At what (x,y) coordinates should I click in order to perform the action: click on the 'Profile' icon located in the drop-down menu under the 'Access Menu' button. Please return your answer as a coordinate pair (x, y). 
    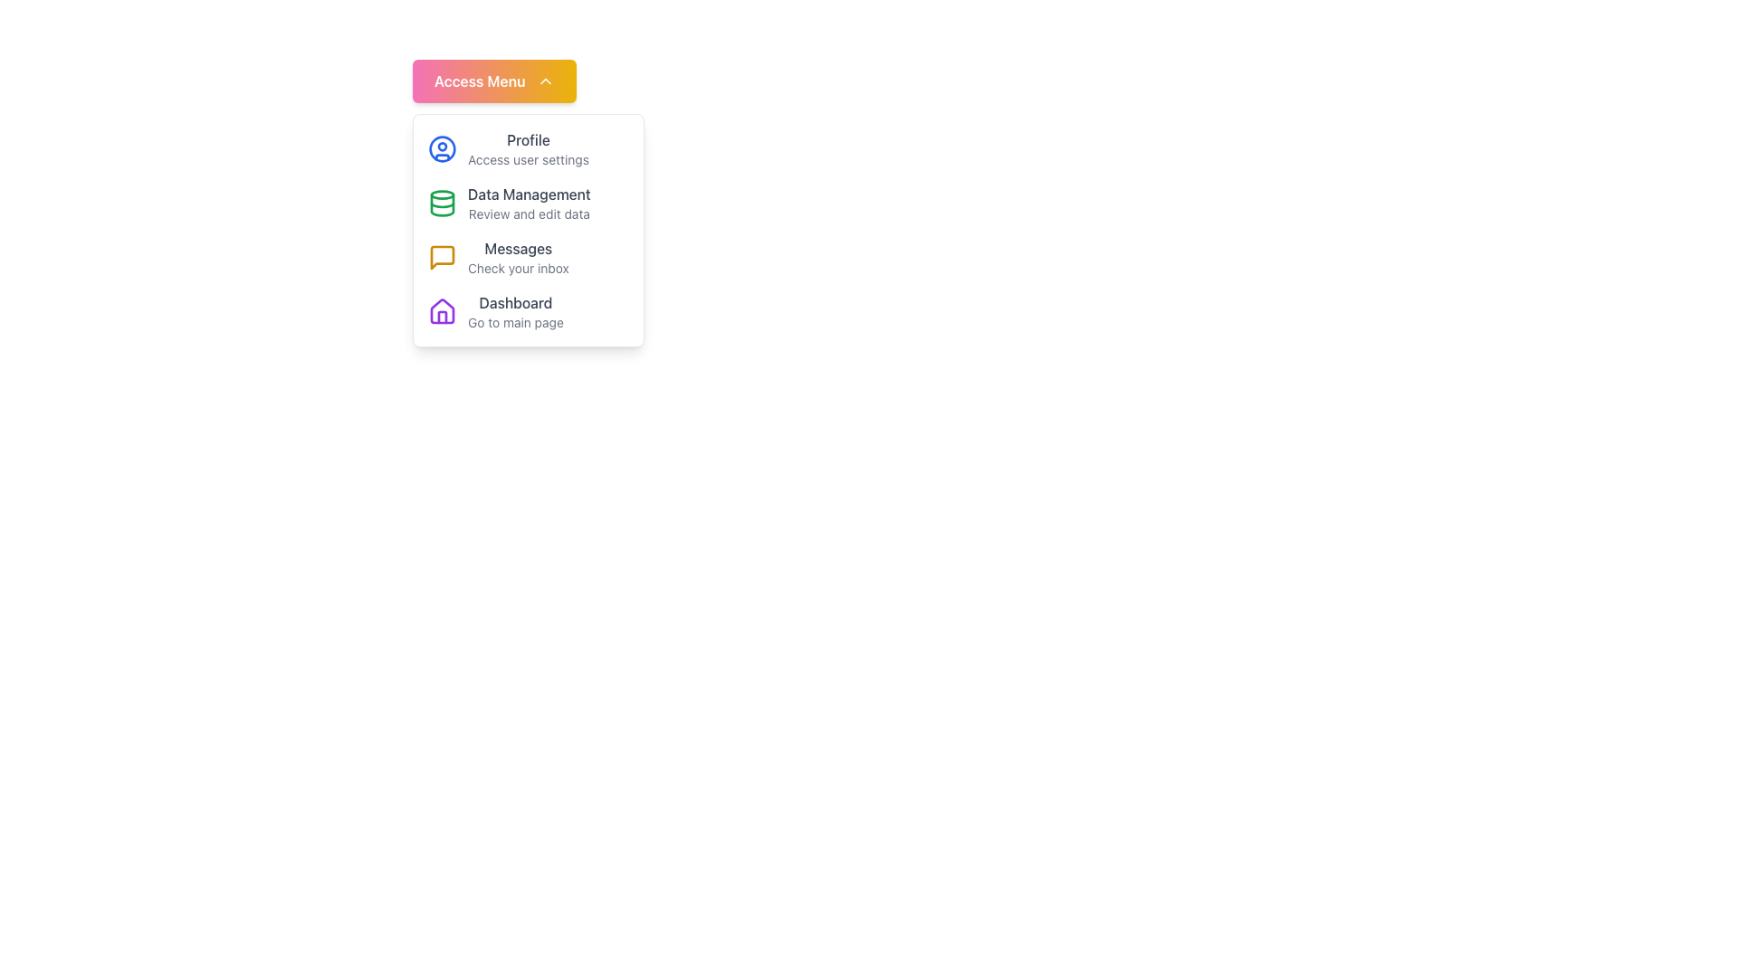
    Looking at the image, I should click on (443, 148).